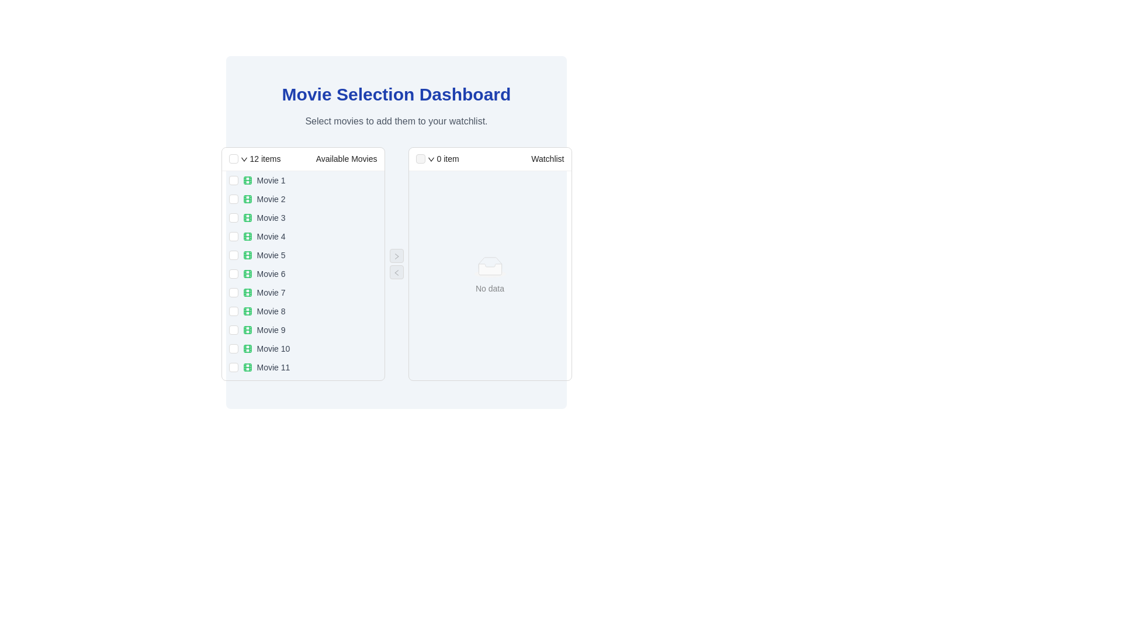  I want to click on the movie icon for 'Movie 4' in the 'Available Movies' list, which is represented as a graphical marker within a filmstrip layout, so click(247, 237).